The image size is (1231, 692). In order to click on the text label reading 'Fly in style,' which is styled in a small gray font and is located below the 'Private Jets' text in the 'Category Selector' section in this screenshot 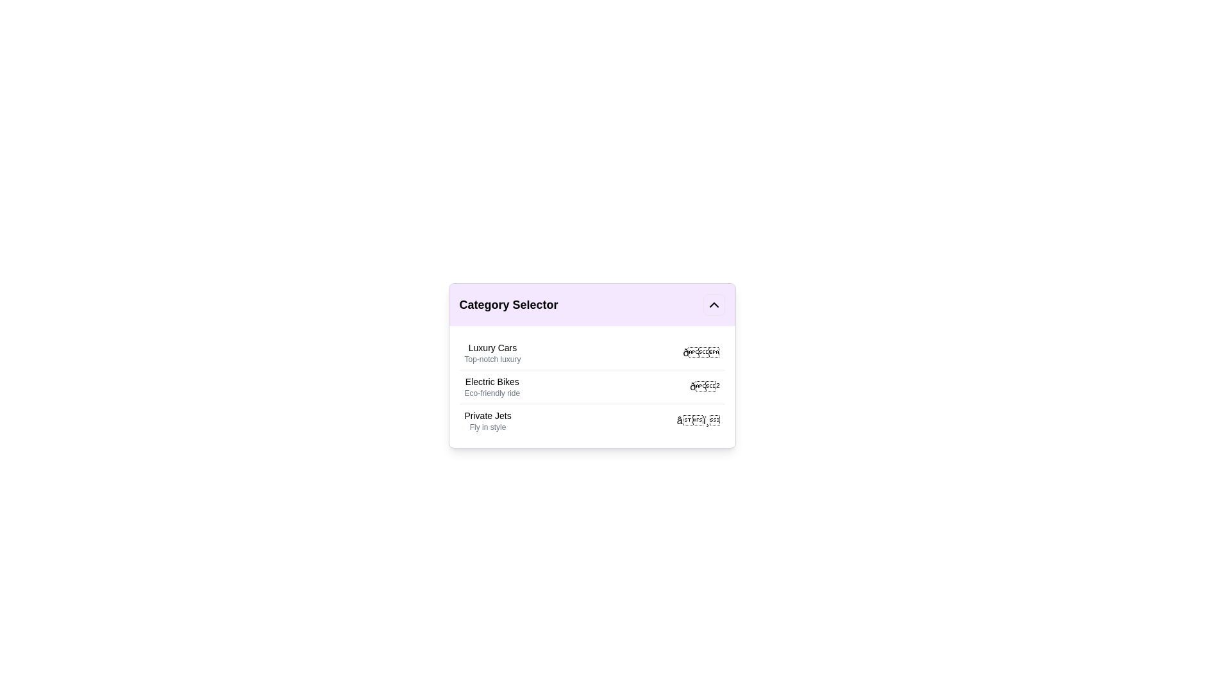, I will do `click(487, 427)`.